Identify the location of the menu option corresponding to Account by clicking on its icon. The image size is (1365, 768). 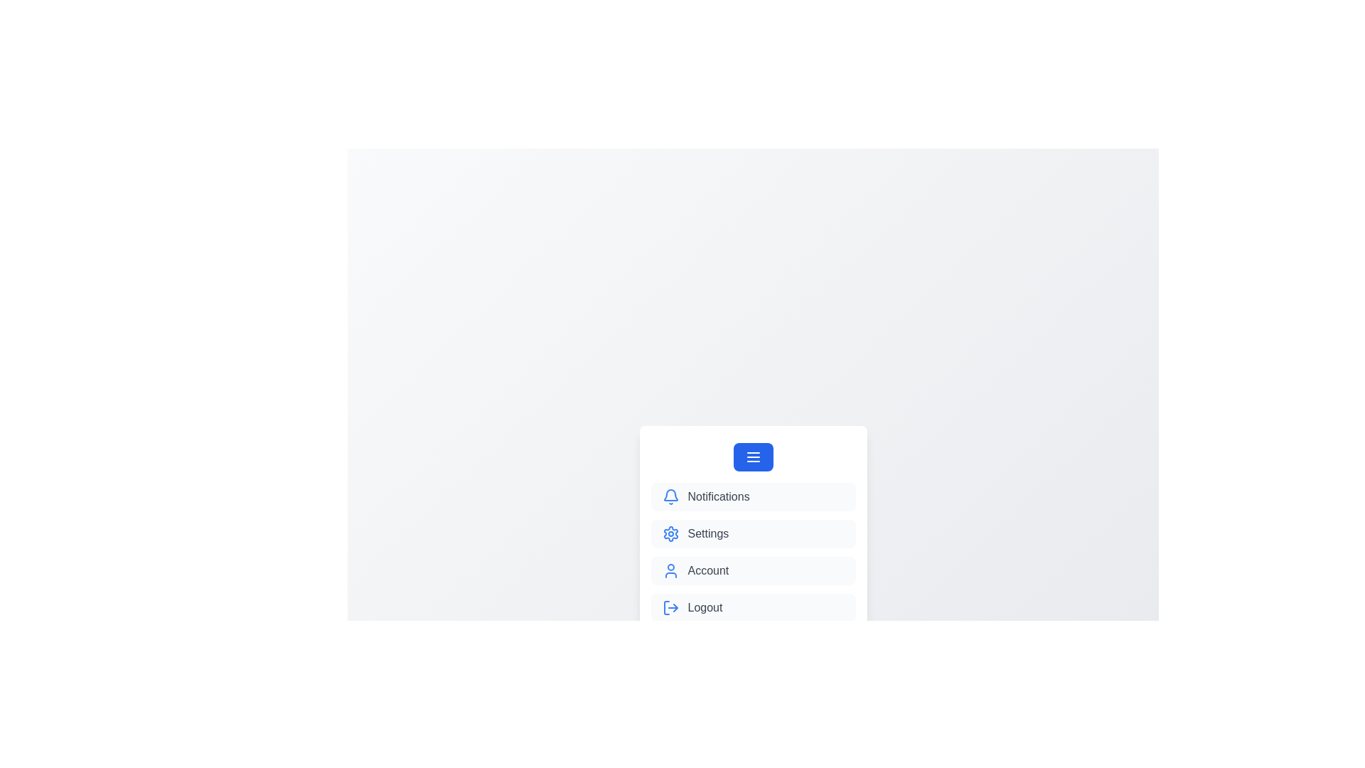
(670, 570).